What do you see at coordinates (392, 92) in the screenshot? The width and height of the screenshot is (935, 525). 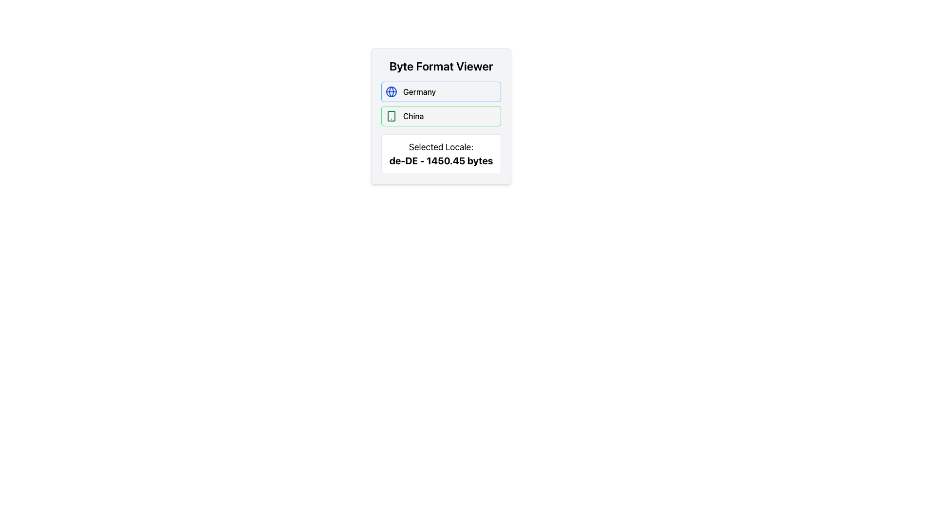 I see `the SVG circle element within the globe icon that indicates locale selection adjacent to the 'Germany' text in the horizontal selection menu` at bounding box center [392, 92].